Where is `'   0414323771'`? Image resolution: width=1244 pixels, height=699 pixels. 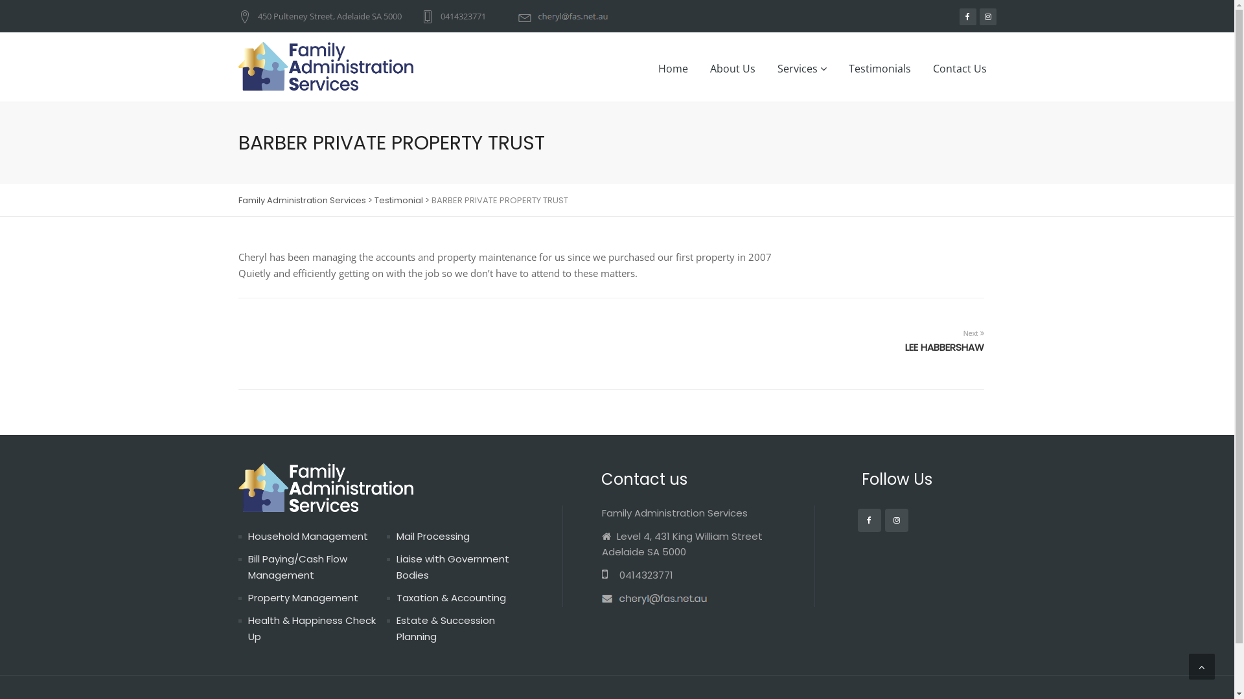 '   0414323771' is located at coordinates (600, 574).